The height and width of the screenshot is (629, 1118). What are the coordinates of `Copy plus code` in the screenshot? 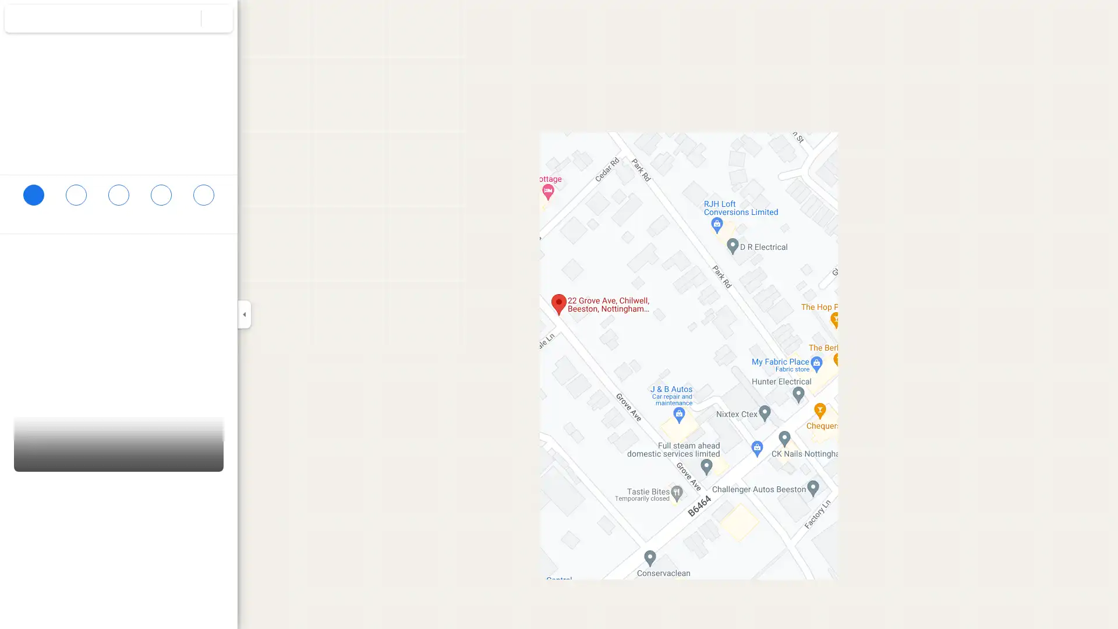 It's located at (192, 287).